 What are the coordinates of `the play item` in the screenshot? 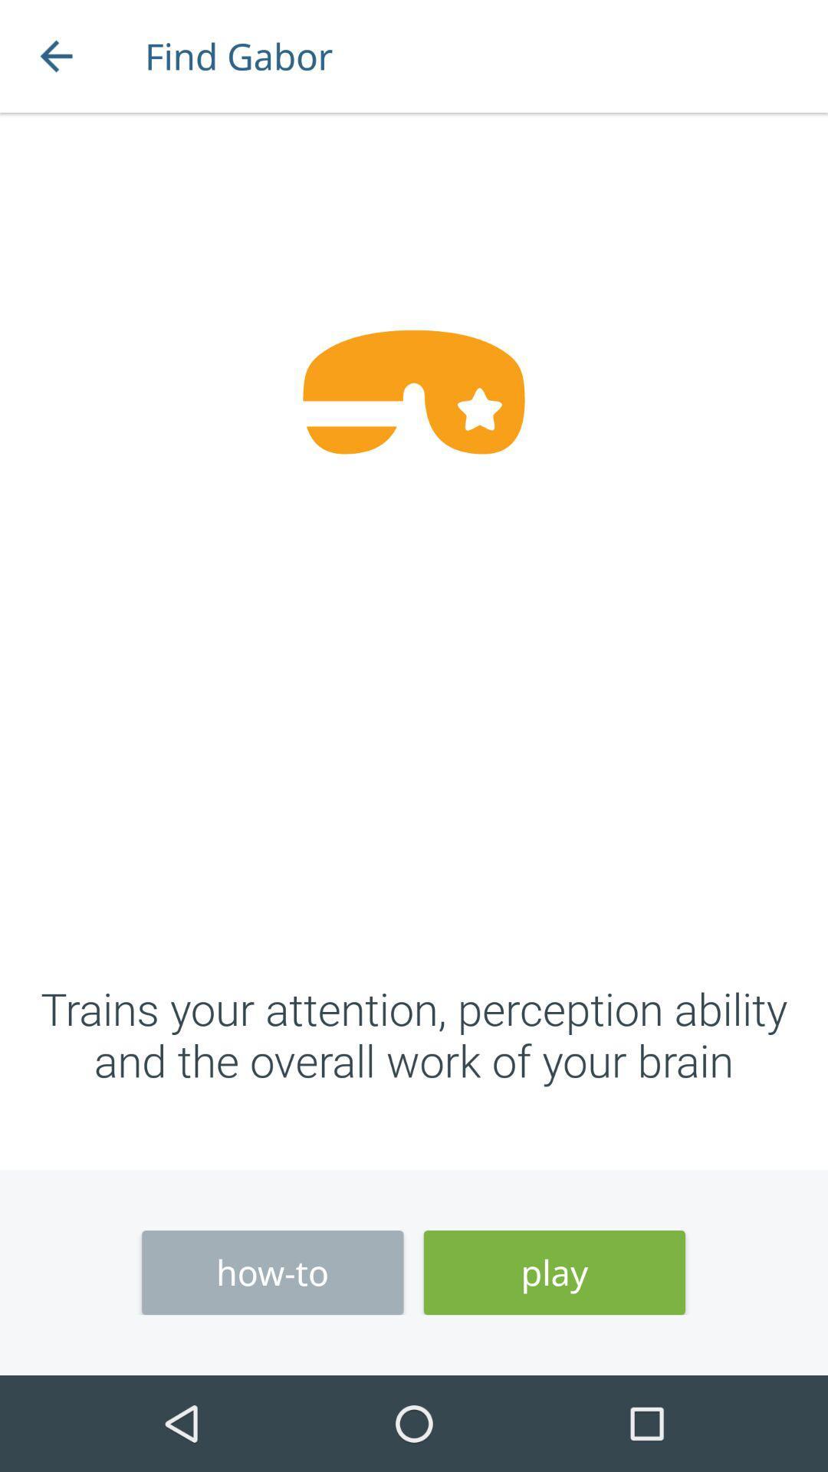 It's located at (554, 1273).